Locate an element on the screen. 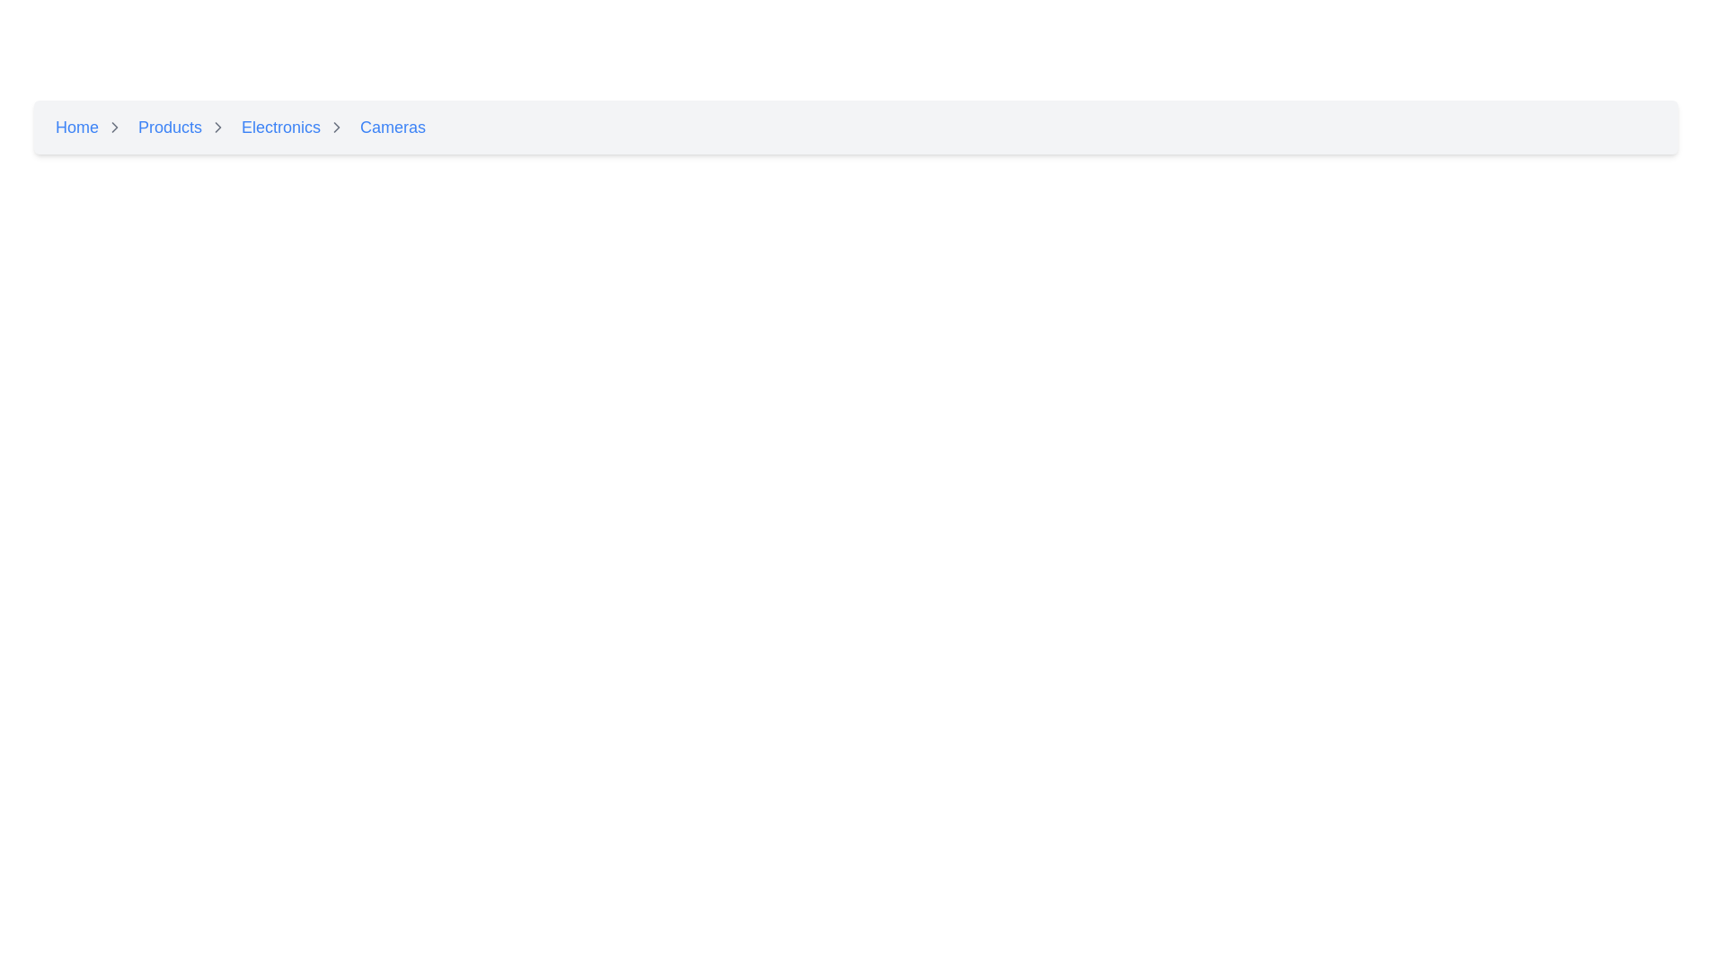 Image resolution: width=1725 pixels, height=970 pixels. the right-pointing chevron icon in the breadcrumb navigation, which is styled as an SVG graphic, located between 'Home' and 'Products' is located at coordinates (114, 127).